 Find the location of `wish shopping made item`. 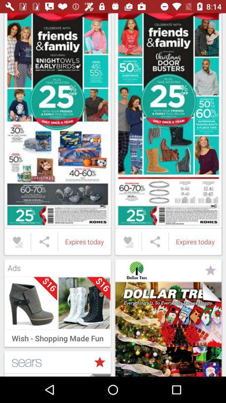

wish shopping made item is located at coordinates (57, 336).